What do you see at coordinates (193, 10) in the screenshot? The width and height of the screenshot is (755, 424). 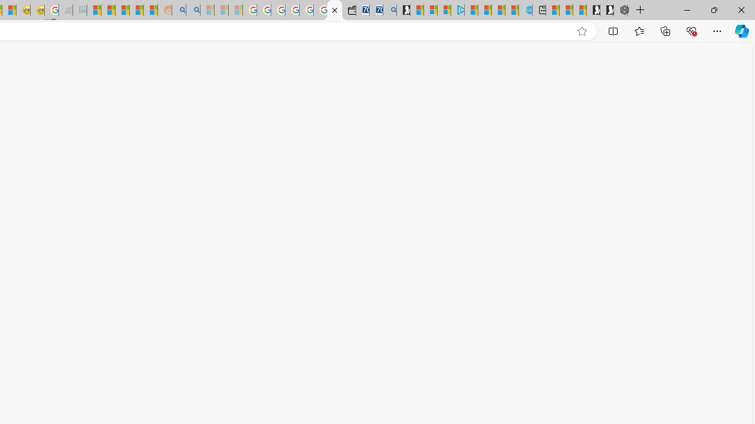 I see `'Utah sues federal government - Search'` at bounding box center [193, 10].